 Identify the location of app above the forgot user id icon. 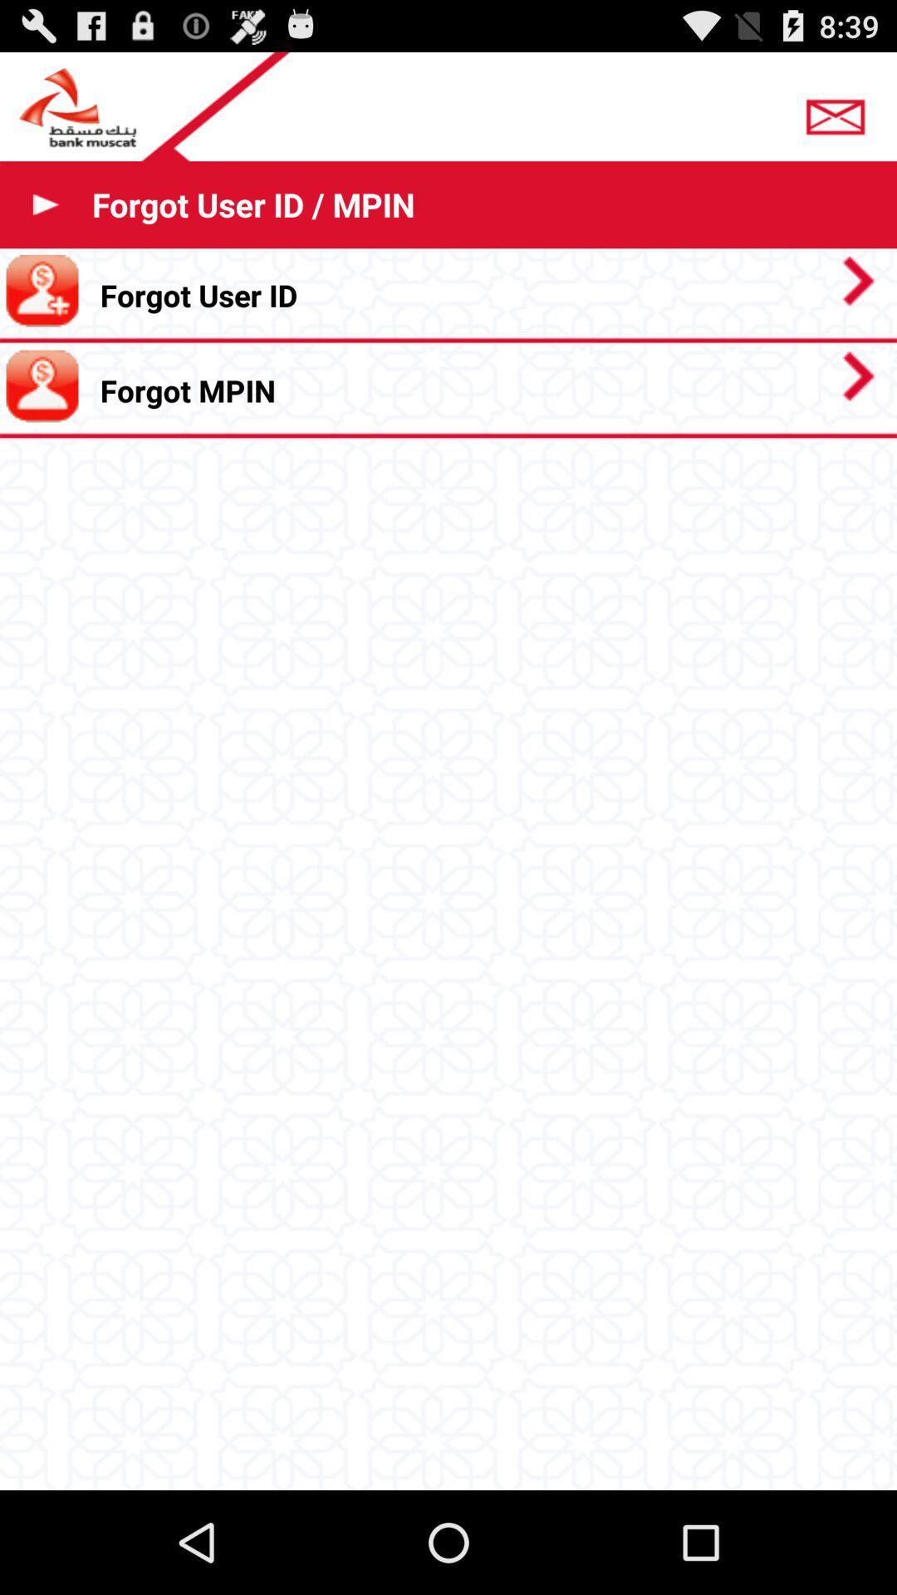
(840, 110).